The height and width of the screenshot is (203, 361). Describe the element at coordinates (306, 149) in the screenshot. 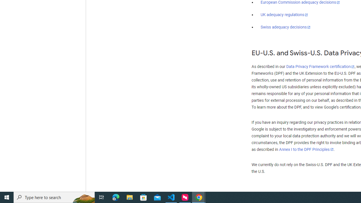

I see `'Annex I to the DPF Principles'` at that location.